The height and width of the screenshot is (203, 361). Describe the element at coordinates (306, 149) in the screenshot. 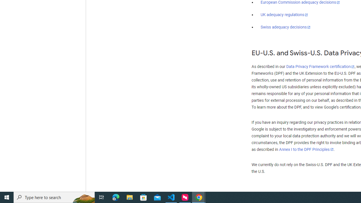

I see `'Annex I to the DPF Principles'` at that location.